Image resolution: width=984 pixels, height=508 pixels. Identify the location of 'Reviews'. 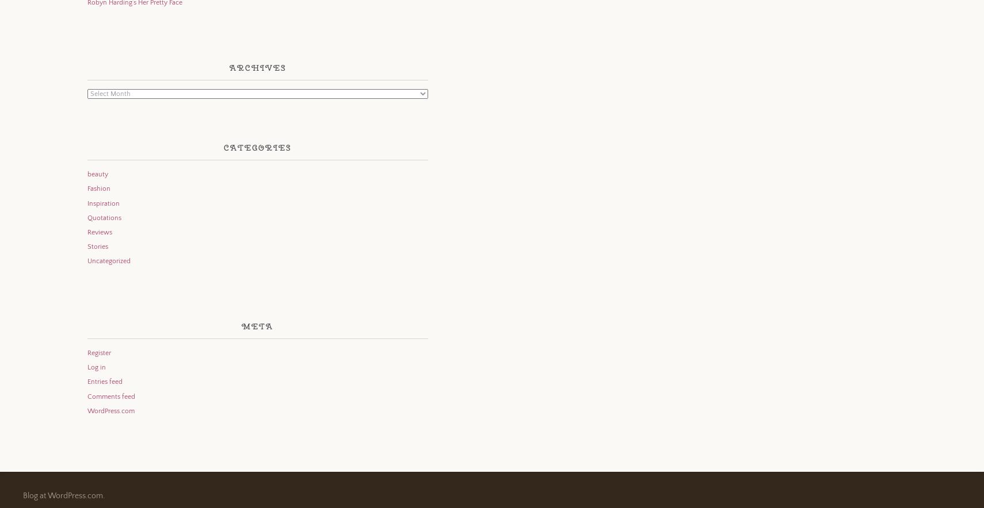
(98, 232).